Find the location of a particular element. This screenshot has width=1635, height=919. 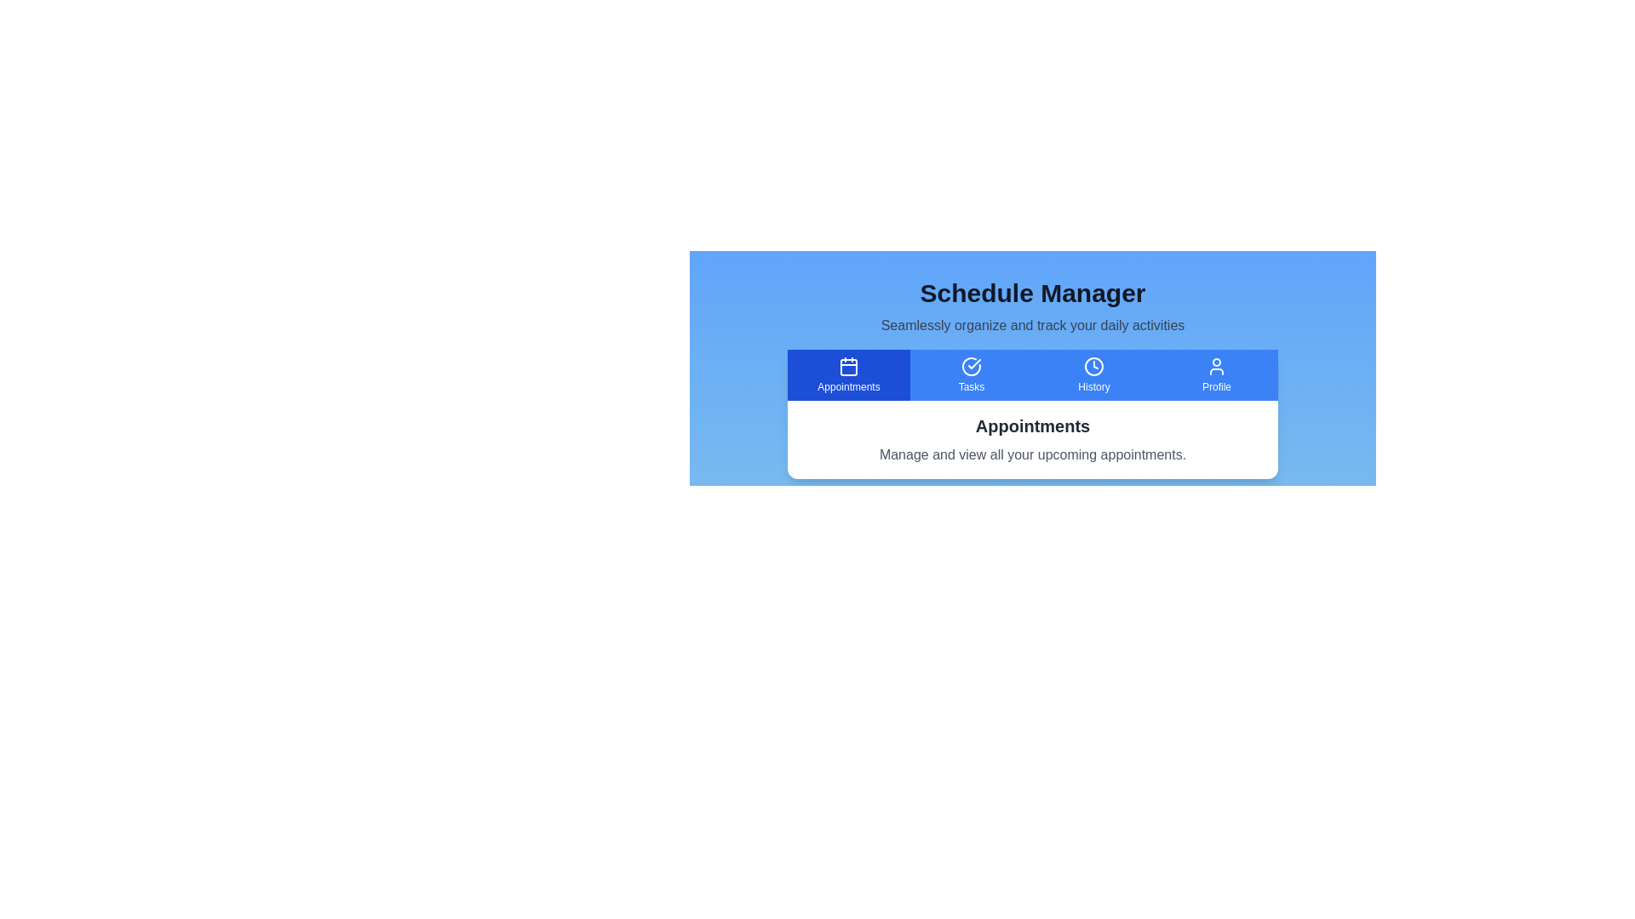

the descriptive text located under the 'Appointments' title to read its content is located at coordinates (1032, 454).